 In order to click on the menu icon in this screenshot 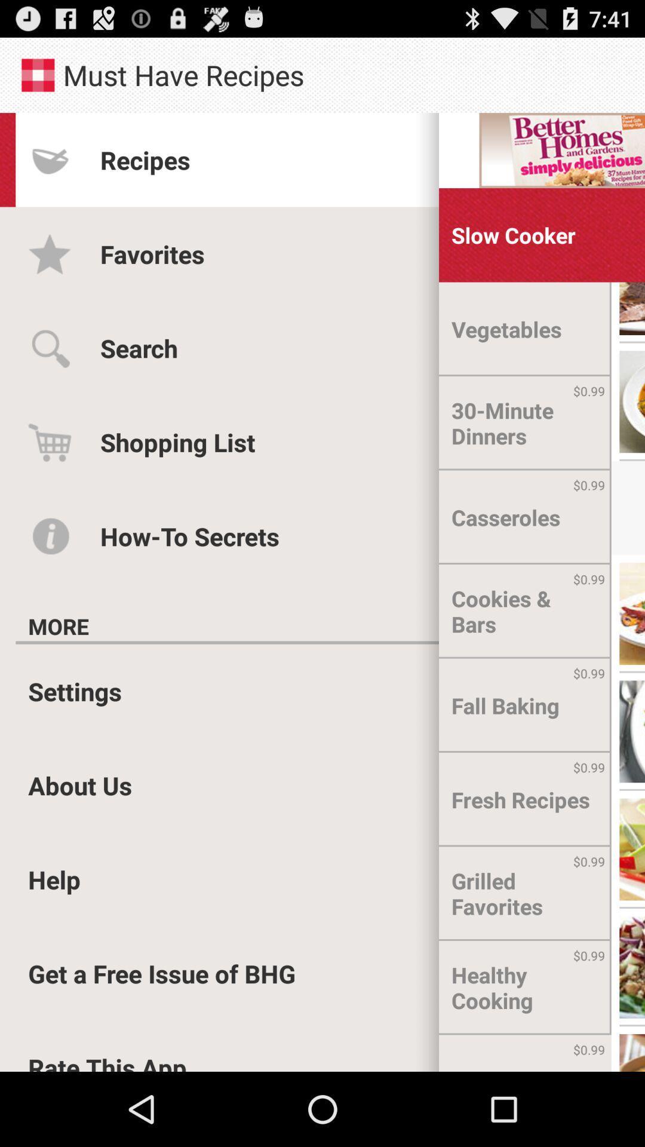, I will do `click(627, 657)`.